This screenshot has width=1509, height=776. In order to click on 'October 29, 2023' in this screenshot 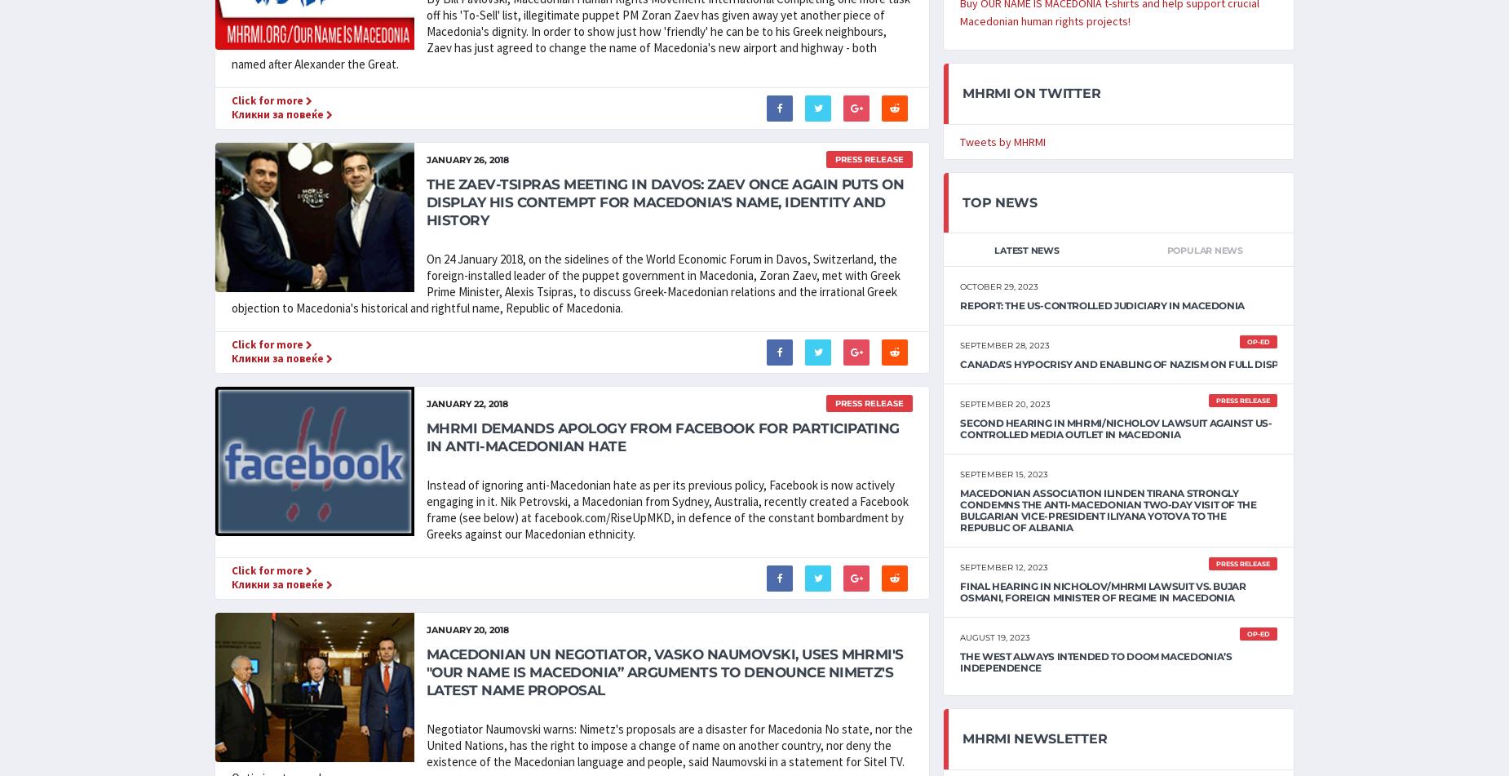, I will do `click(958, 286)`.